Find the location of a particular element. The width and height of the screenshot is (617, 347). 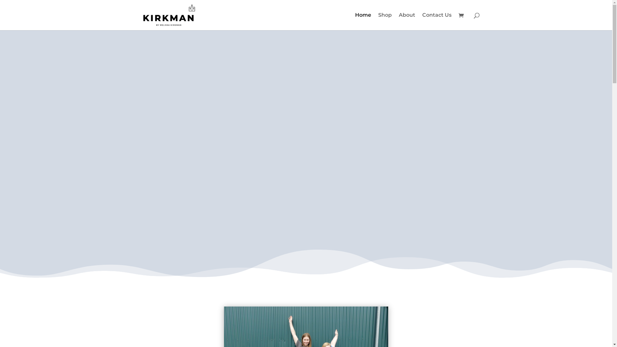

'Home' is located at coordinates (354, 21).